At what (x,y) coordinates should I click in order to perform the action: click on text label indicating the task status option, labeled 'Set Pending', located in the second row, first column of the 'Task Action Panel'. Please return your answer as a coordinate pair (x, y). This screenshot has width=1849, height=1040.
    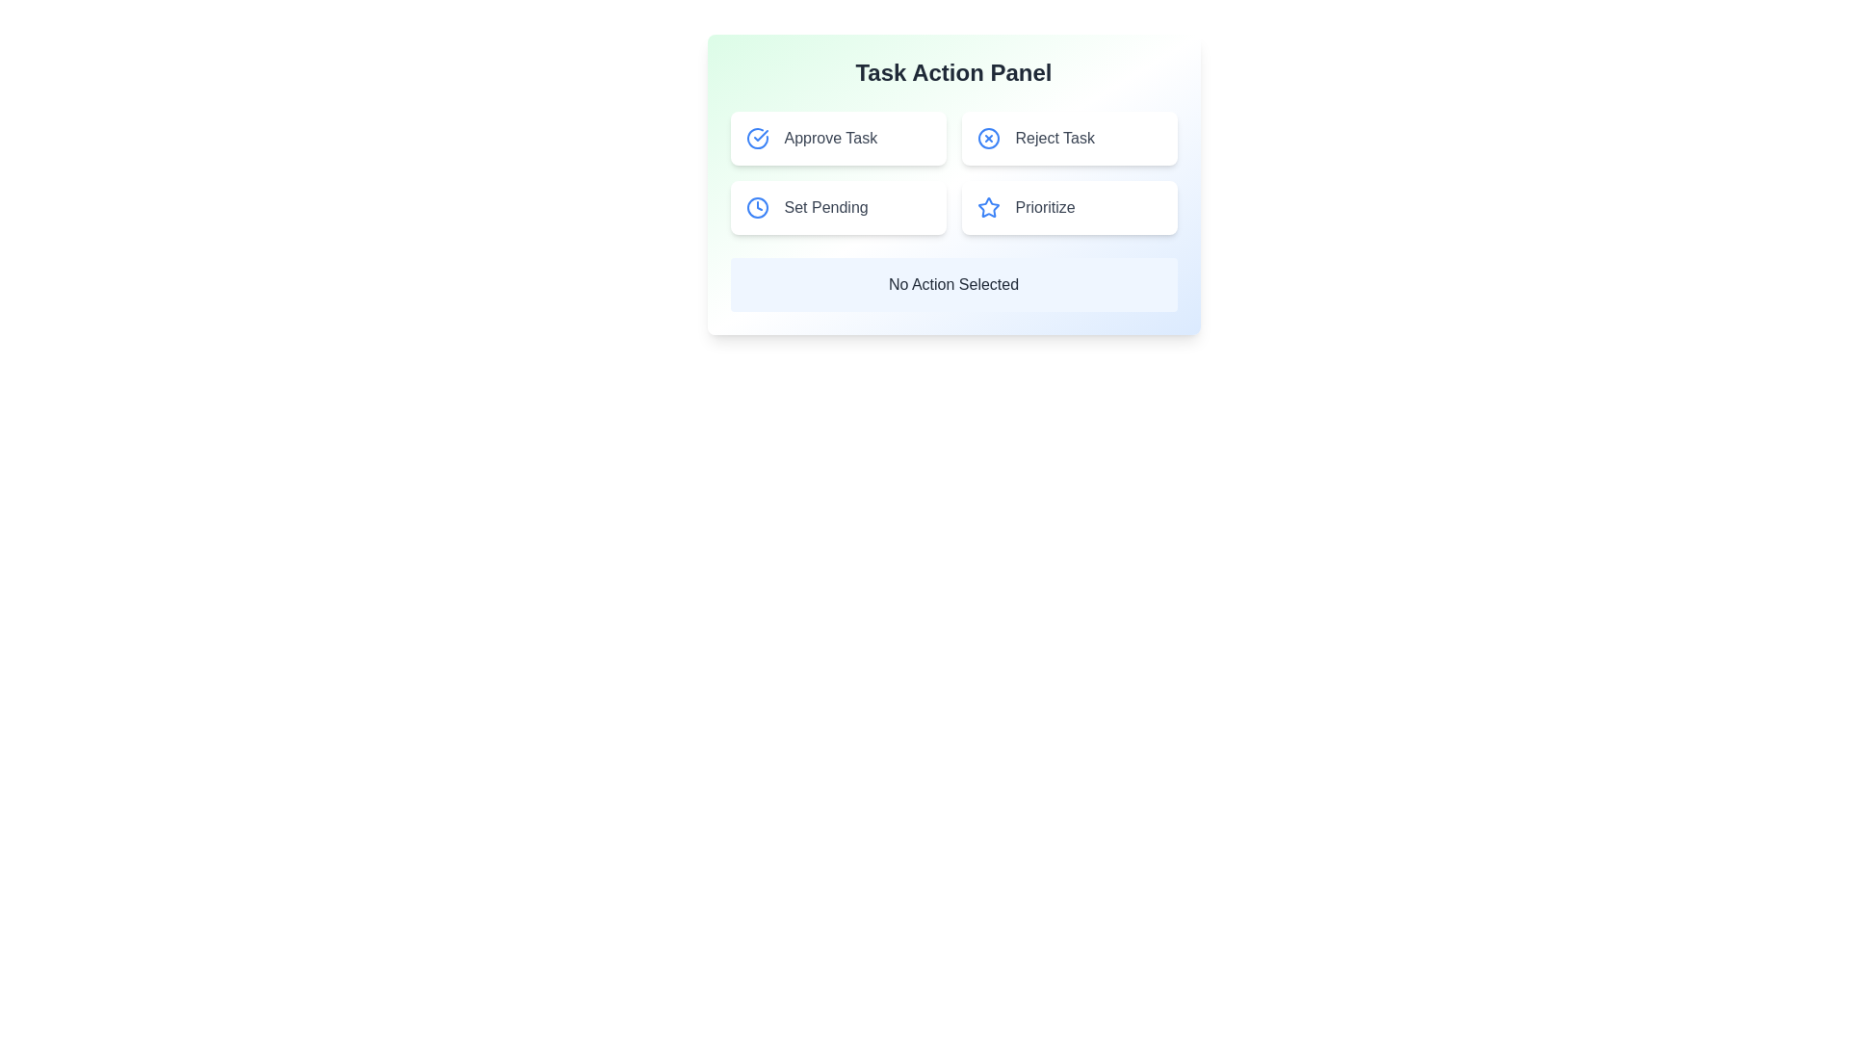
    Looking at the image, I should click on (826, 208).